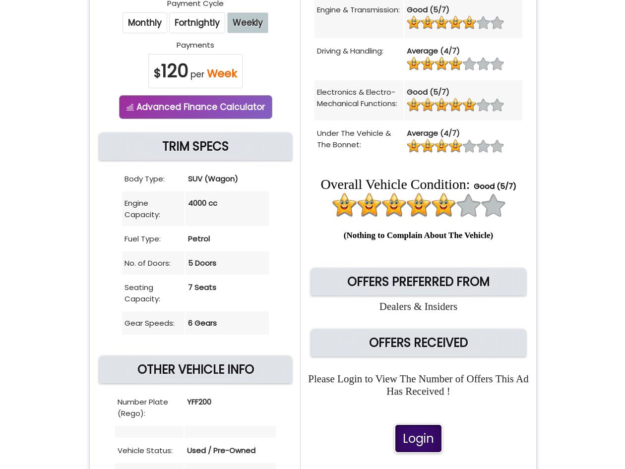 This screenshot has width=625, height=469. What do you see at coordinates (221, 450) in the screenshot?
I see `'Used / Pre-Owned'` at bounding box center [221, 450].